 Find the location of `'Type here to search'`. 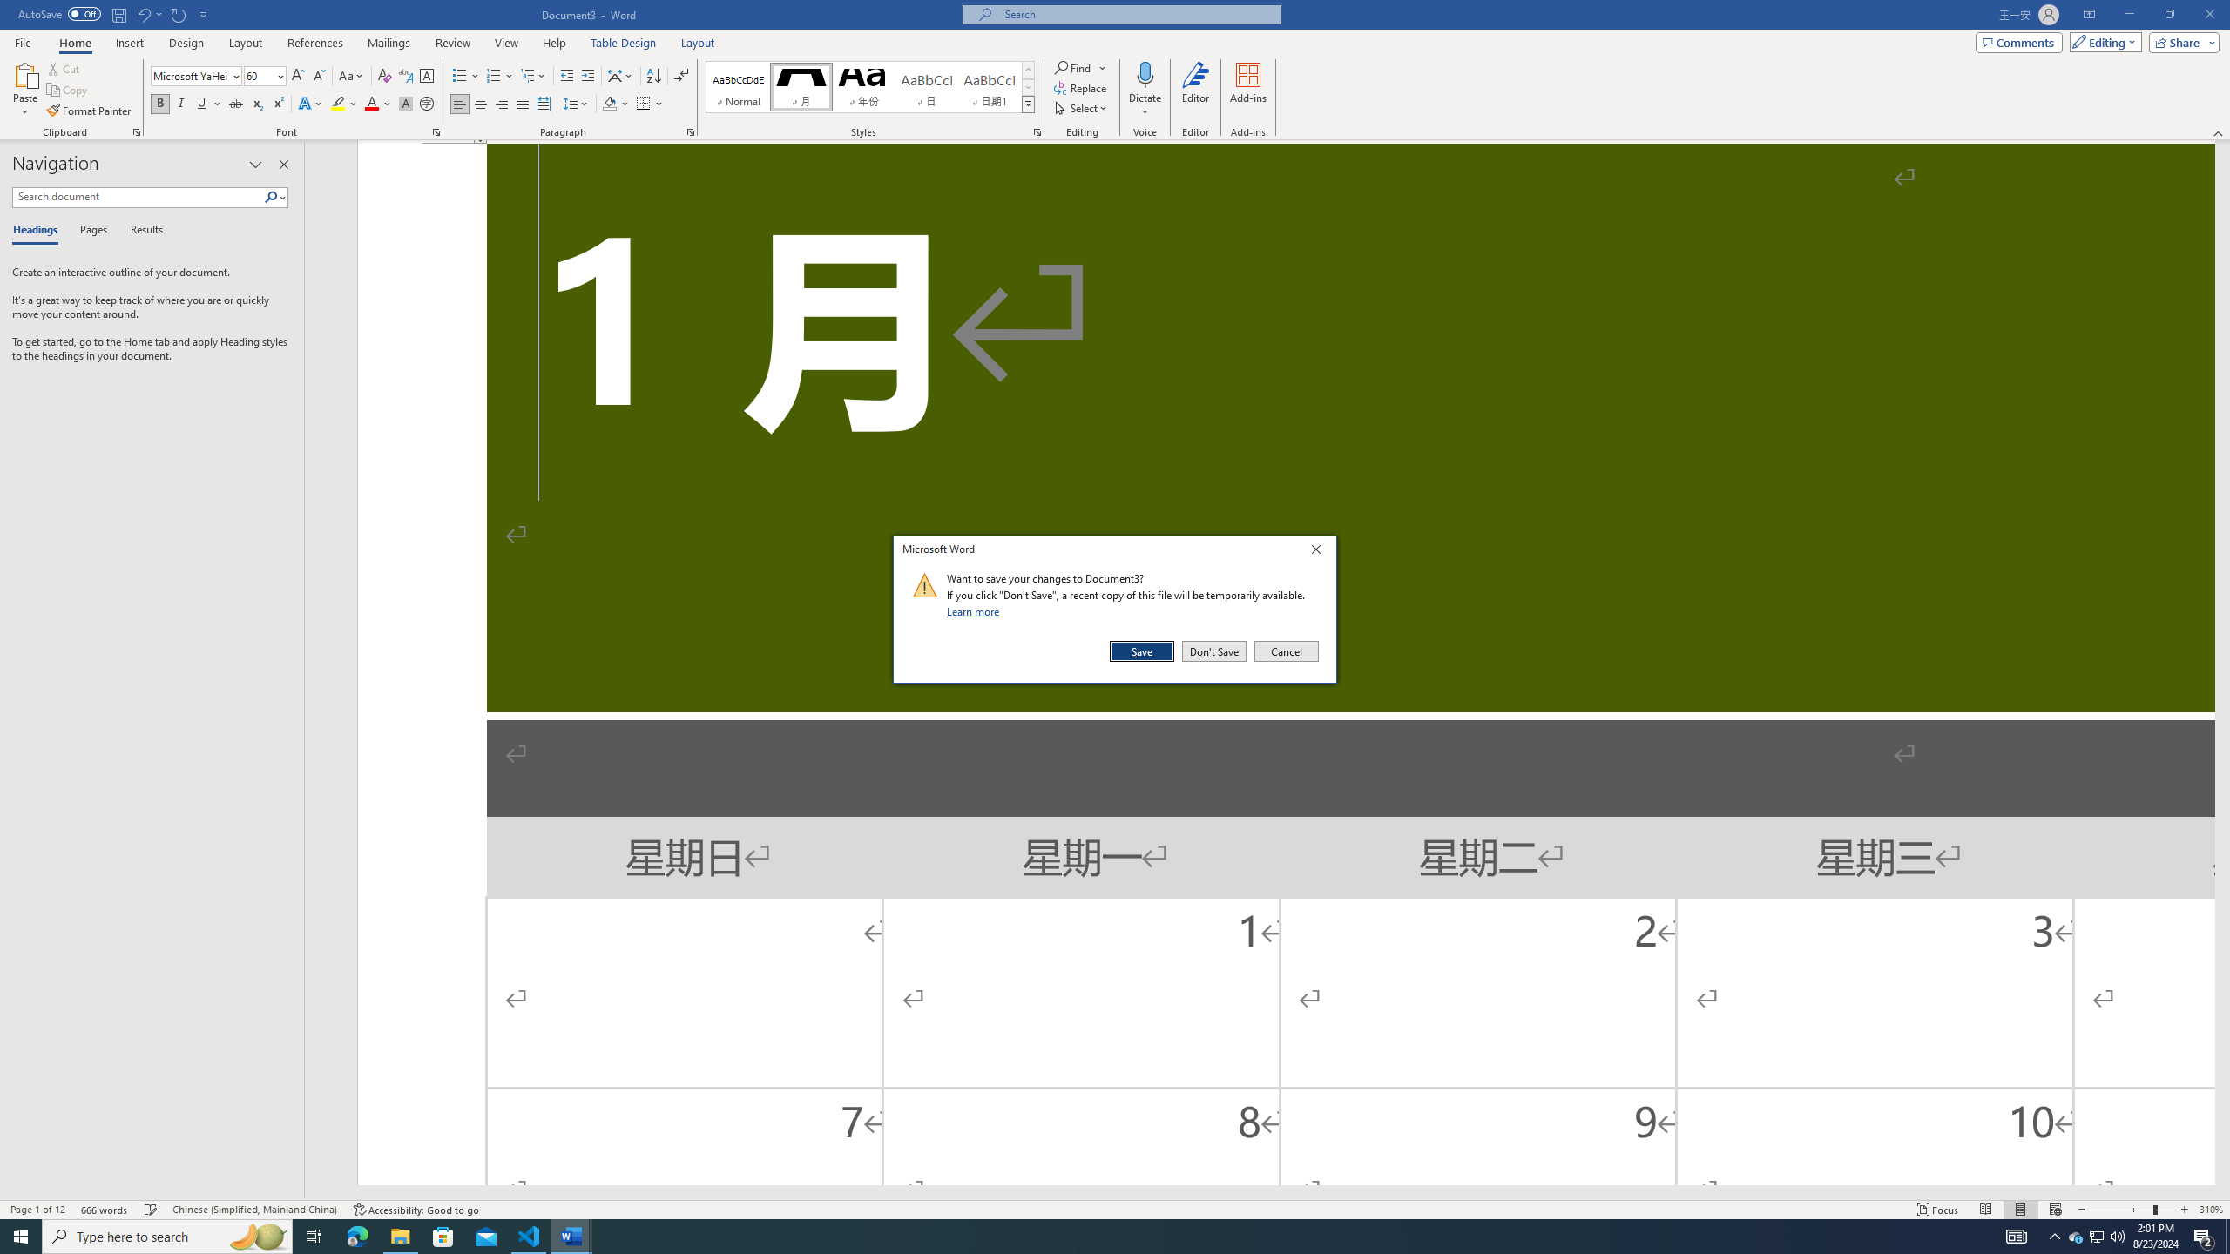

'Type here to search' is located at coordinates (166, 1235).